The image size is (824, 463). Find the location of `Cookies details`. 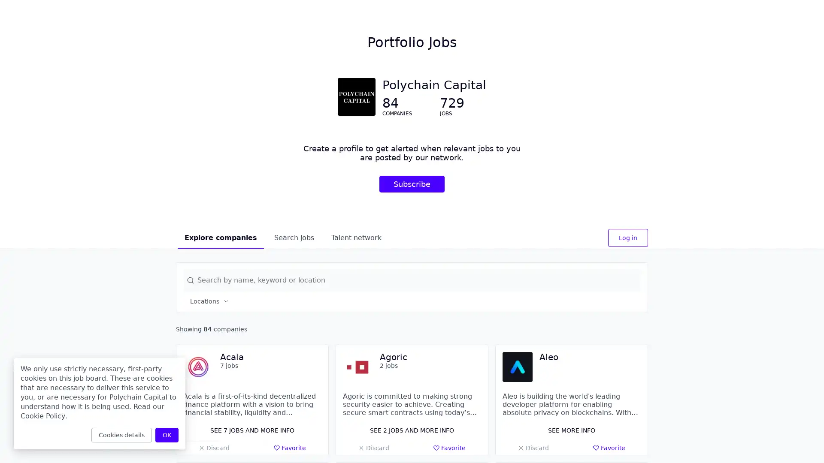

Cookies details is located at coordinates (121, 435).